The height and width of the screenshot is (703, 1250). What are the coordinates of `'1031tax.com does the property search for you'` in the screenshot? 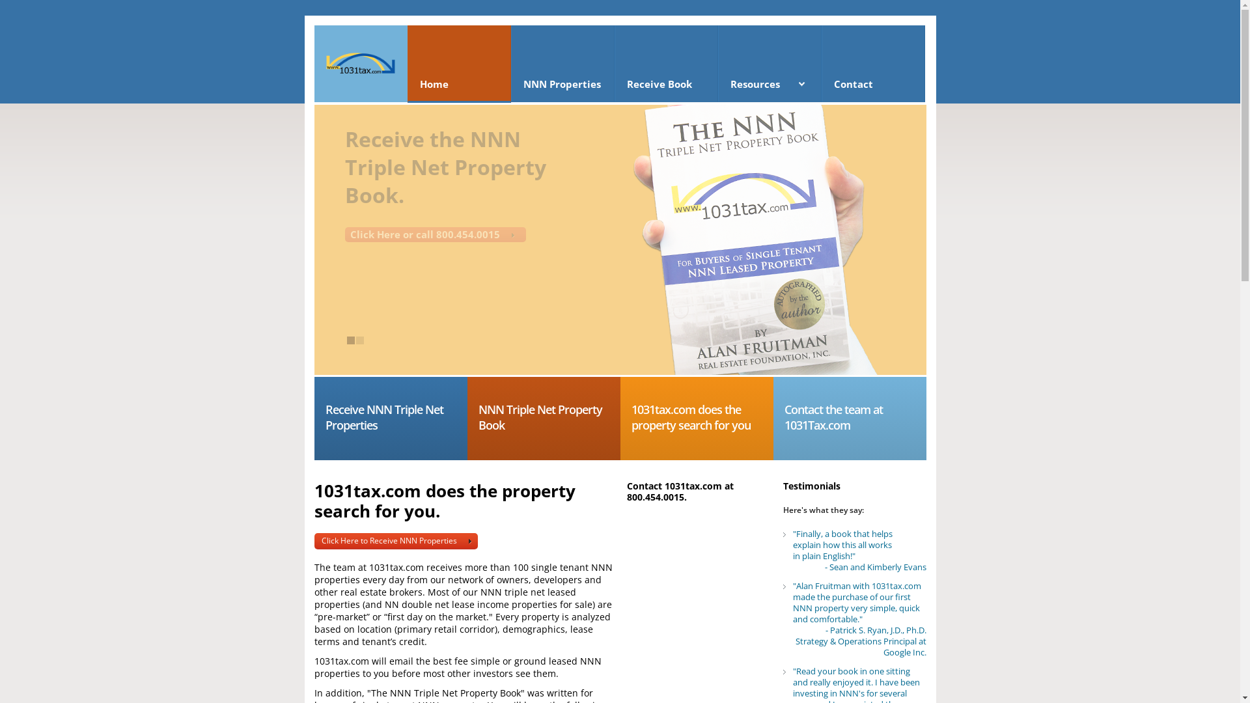 It's located at (618, 419).